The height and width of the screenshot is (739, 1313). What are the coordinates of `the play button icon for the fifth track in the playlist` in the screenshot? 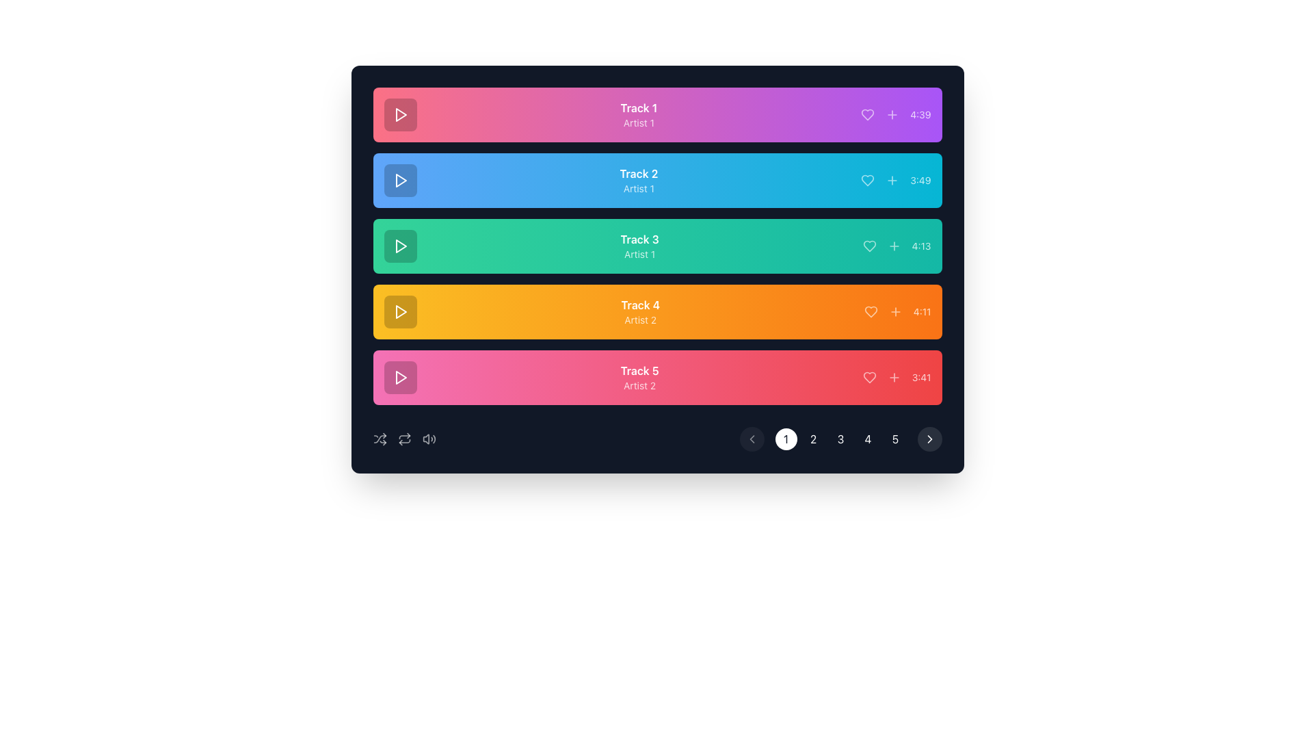 It's located at (400, 377).